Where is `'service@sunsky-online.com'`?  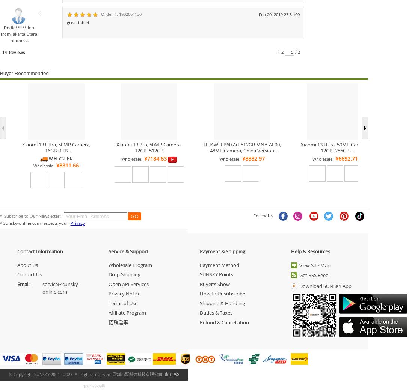
'service@sunsky-online.com' is located at coordinates (60, 287).